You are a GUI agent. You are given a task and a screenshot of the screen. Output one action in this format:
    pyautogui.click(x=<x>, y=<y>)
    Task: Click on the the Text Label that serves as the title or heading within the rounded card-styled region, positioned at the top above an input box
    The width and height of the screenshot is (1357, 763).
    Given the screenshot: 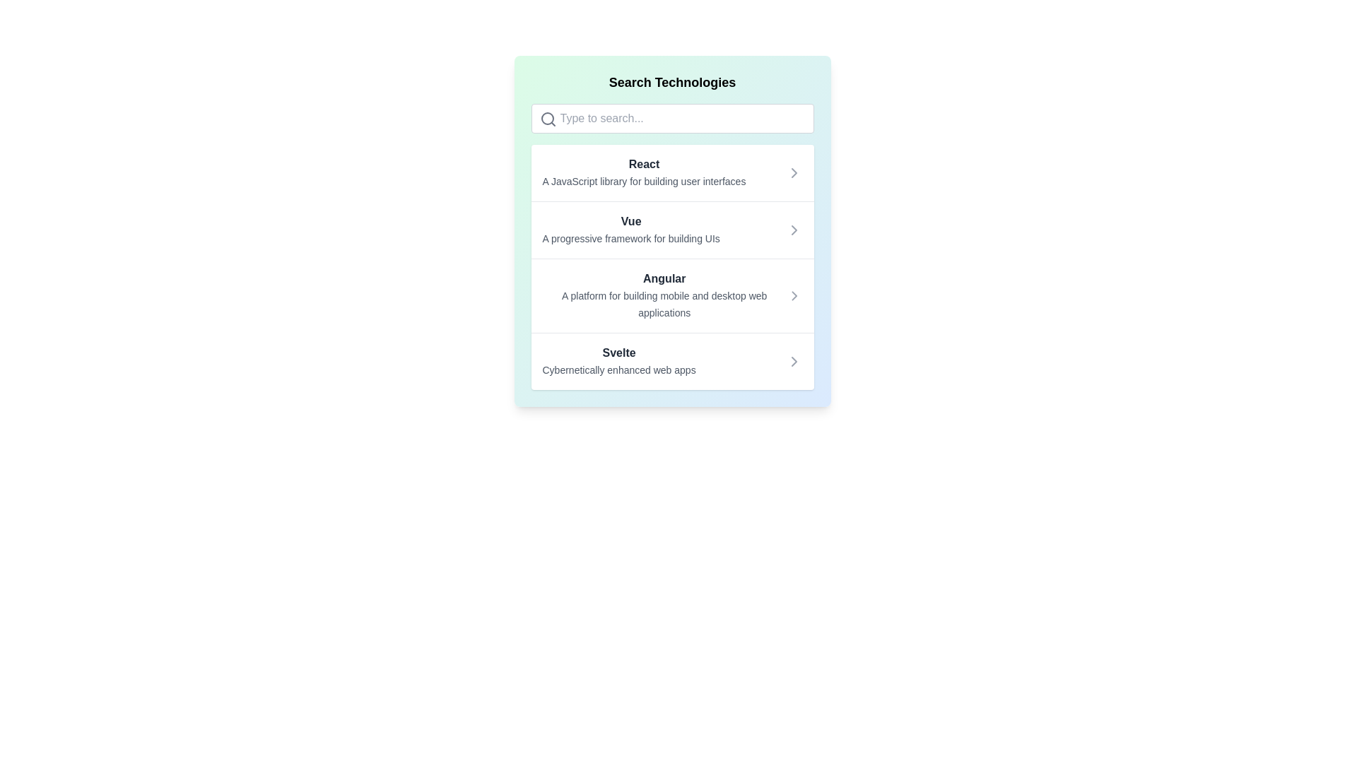 What is the action you would take?
    pyautogui.click(x=671, y=82)
    